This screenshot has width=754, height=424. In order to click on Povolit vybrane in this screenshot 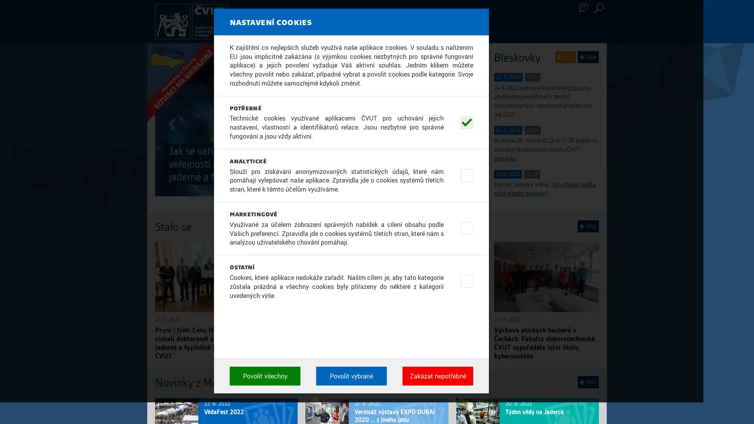, I will do `click(377, 387)`.